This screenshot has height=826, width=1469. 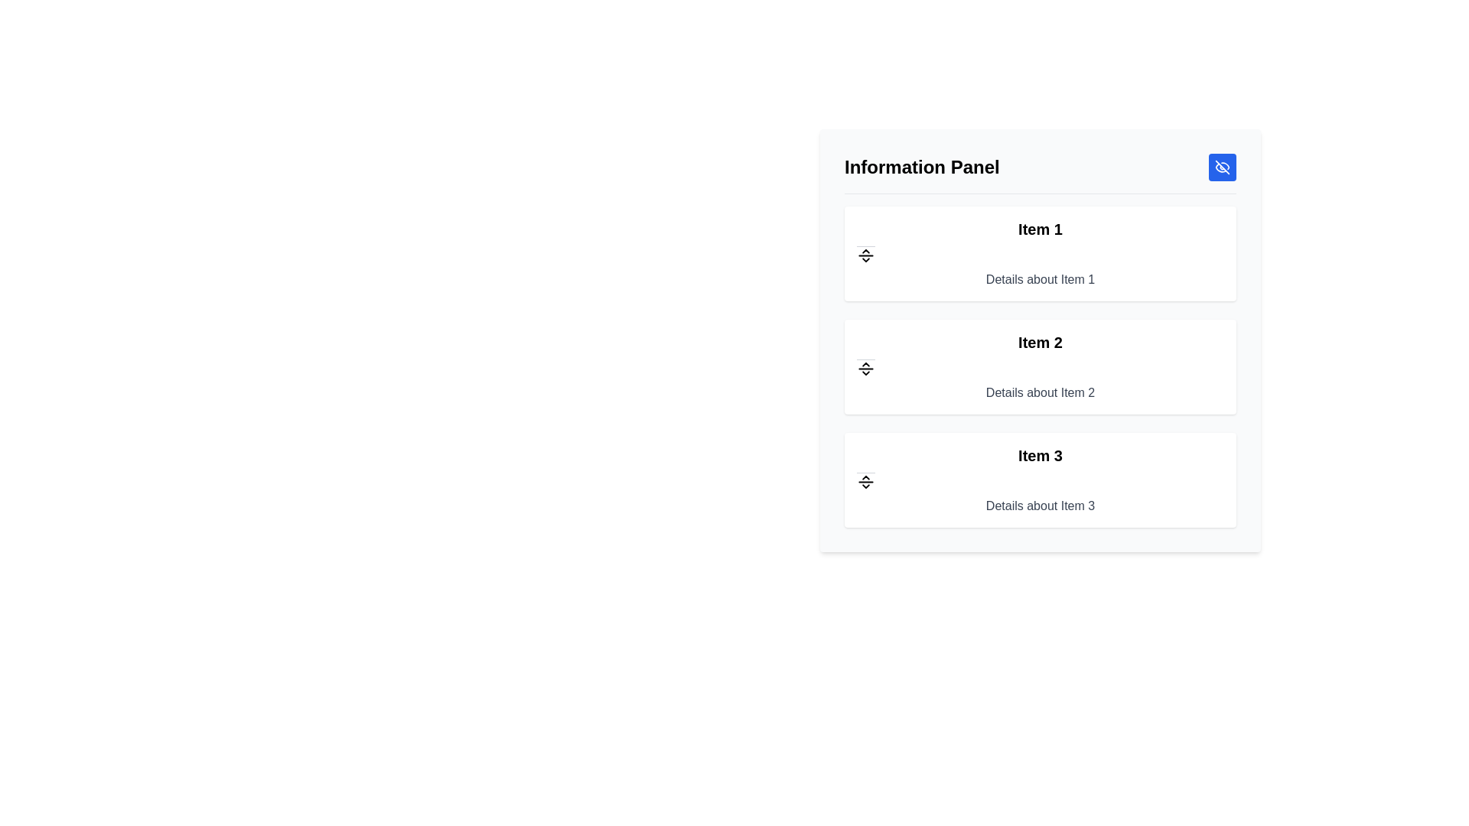 I want to click on the Text Label displaying 'Item 3' in a bold, large font within the third card section, so click(x=1040, y=455).